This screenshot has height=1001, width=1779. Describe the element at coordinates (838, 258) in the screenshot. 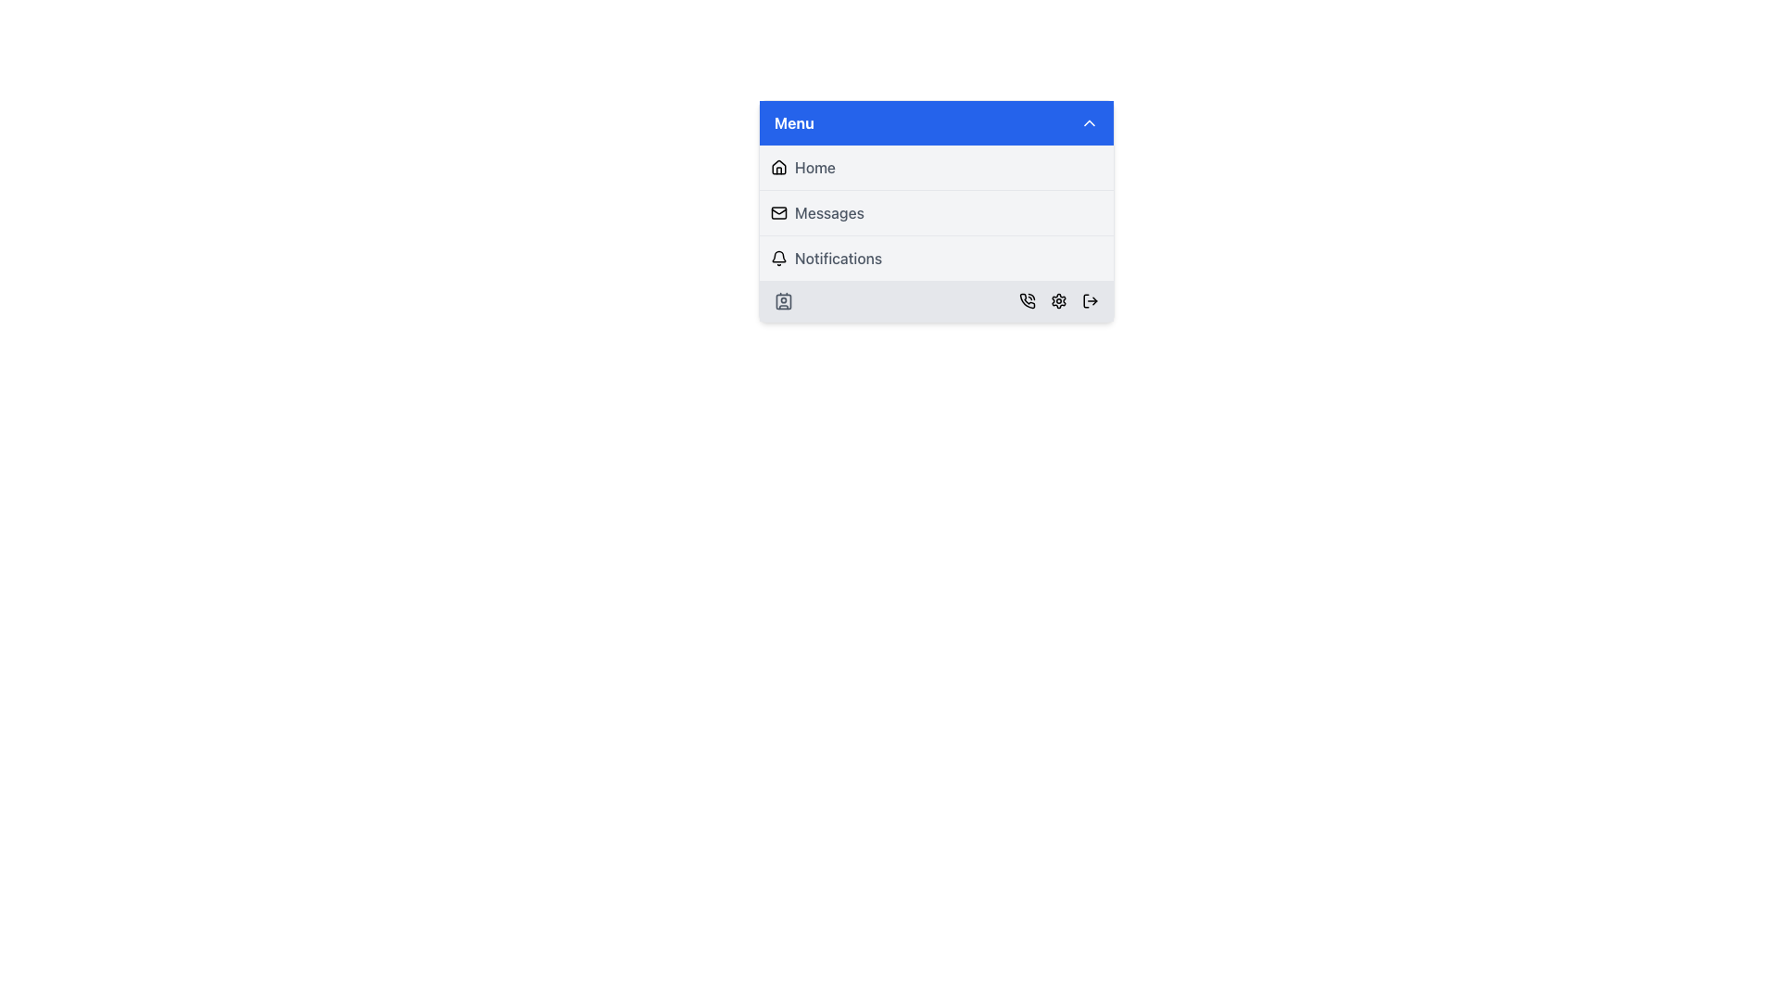

I see `text label displaying 'Notifications', which is the third entry in the menu section and aligned to the right of a bell icon` at that location.